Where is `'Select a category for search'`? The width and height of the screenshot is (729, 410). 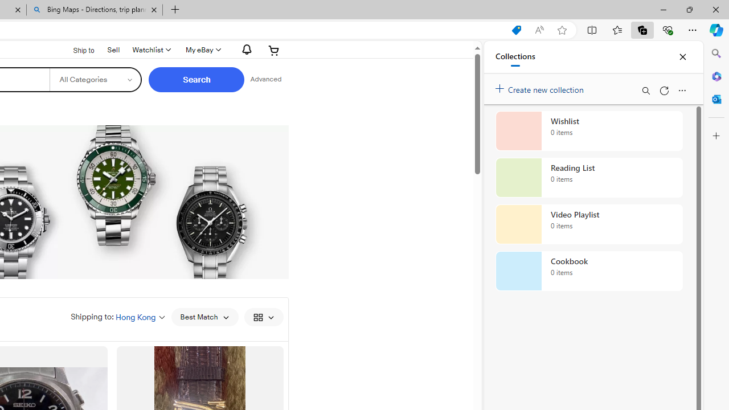
'Select a category for search' is located at coordinates (95, 79).